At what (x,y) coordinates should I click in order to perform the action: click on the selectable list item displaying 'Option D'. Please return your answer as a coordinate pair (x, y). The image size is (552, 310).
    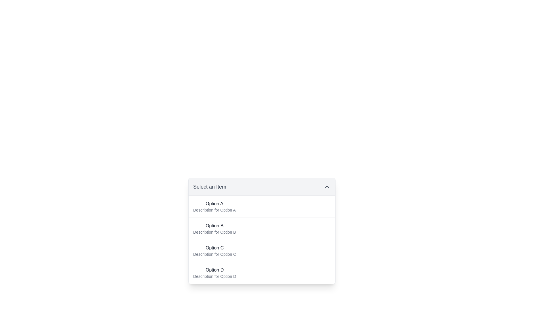
    Looking at the image, I should click on (262, 272).